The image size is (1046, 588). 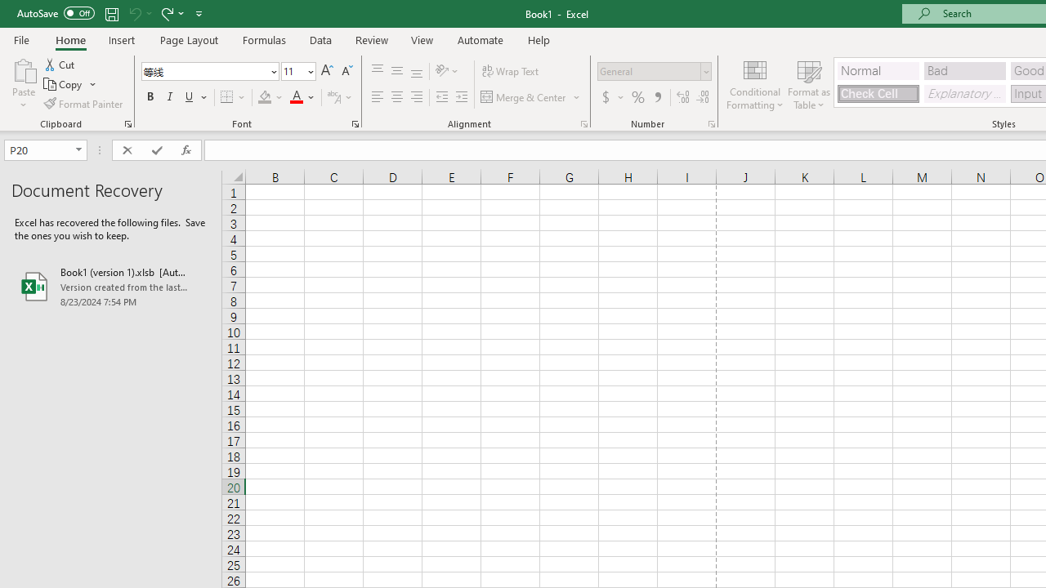 What do you see at coordinates (127, 122) in the screenshot?
I see `'Office Clipboard...'` at bounding box center [127, 122].